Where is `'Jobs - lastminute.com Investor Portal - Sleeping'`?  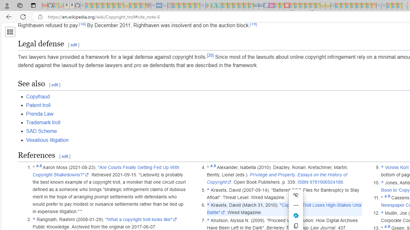
'Jobs - lastminute.com Investor Portal - Sleeping' is located at coordinates (271, 5).